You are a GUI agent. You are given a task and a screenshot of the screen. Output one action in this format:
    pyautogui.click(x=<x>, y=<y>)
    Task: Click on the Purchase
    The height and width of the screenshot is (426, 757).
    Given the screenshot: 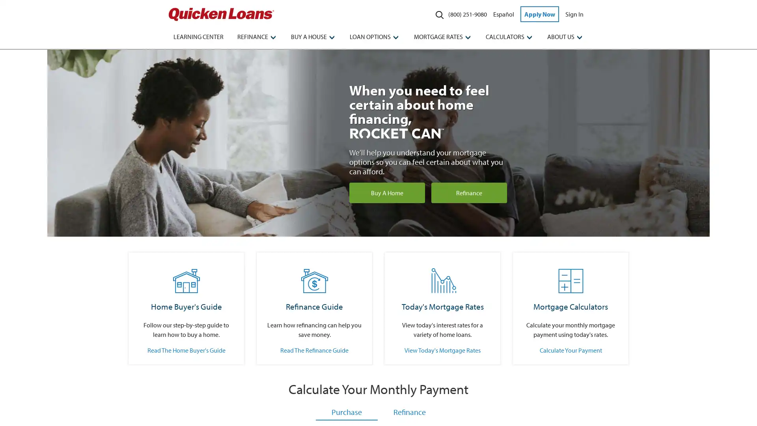 What is the action you would take?
    pyautogui.click(x=346, y=412)
    